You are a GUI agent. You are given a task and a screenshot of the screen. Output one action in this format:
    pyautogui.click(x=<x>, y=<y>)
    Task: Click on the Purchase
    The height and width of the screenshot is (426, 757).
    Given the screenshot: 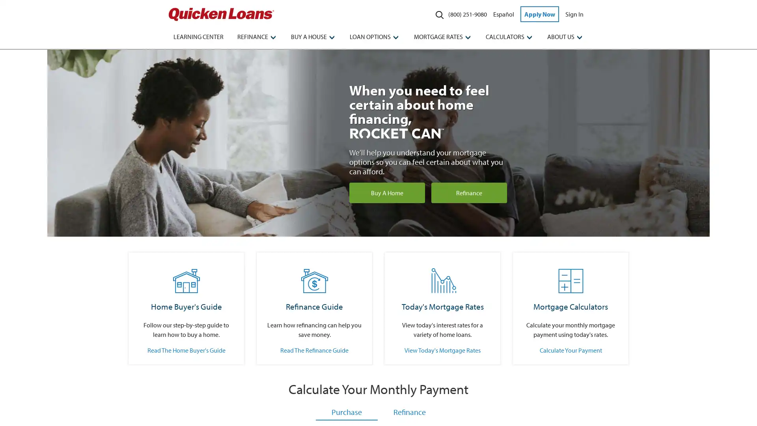 What is the action you would take?
    pyautogui.click(x=346, y=412)
    